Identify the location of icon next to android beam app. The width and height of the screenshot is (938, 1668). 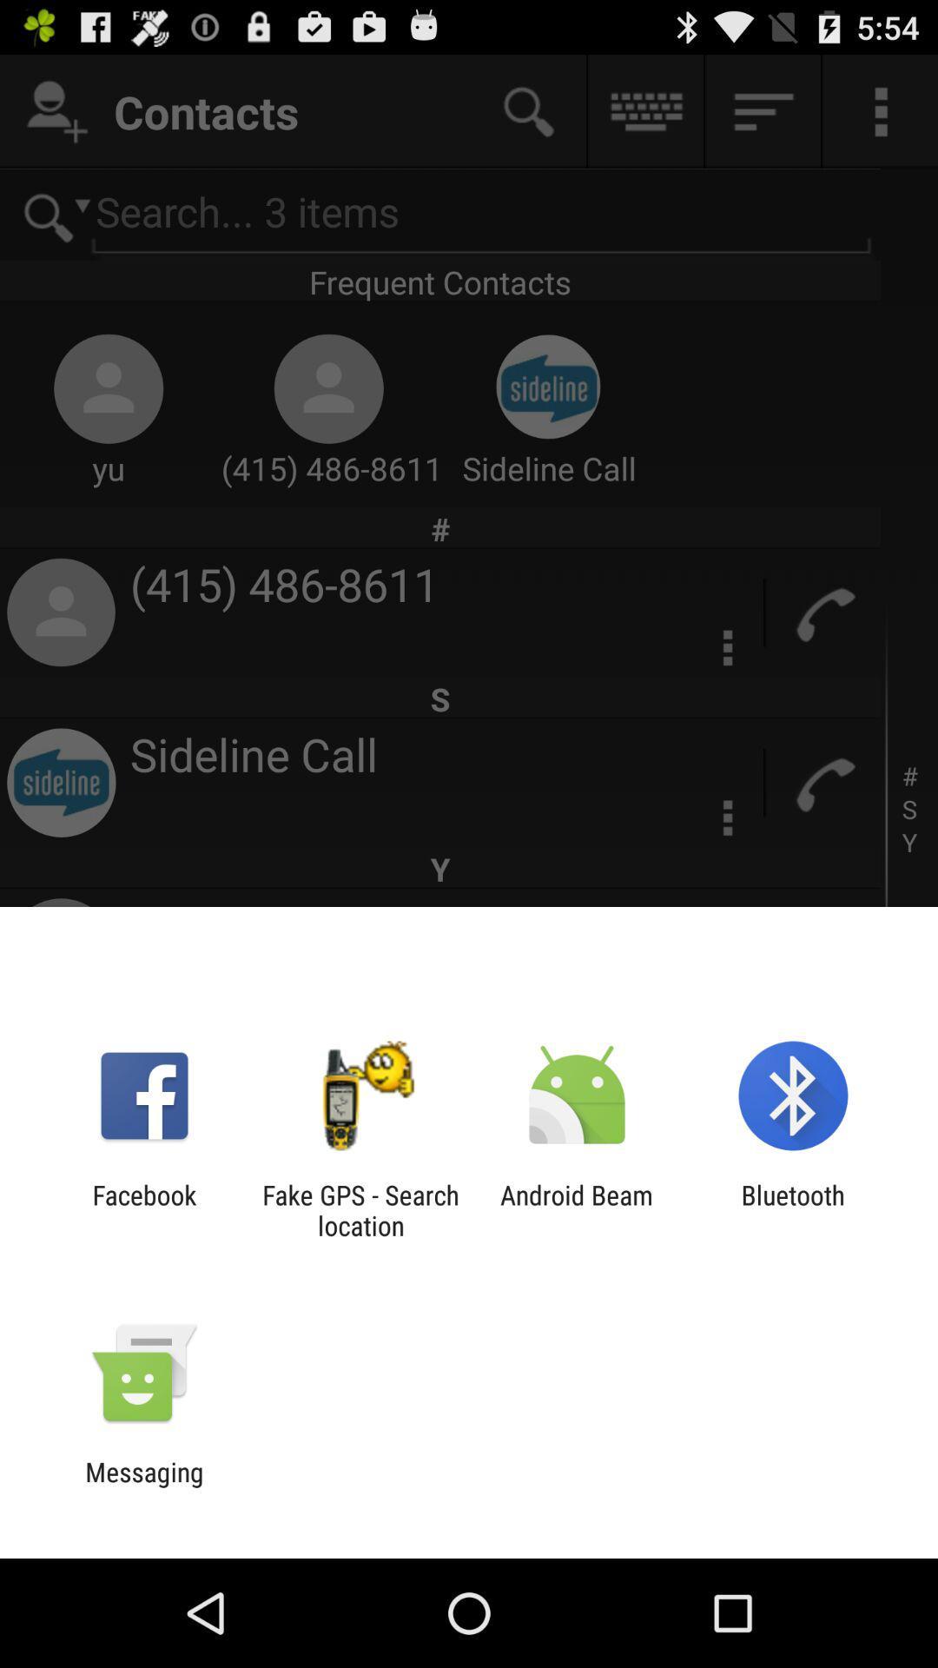
(793, 1209).